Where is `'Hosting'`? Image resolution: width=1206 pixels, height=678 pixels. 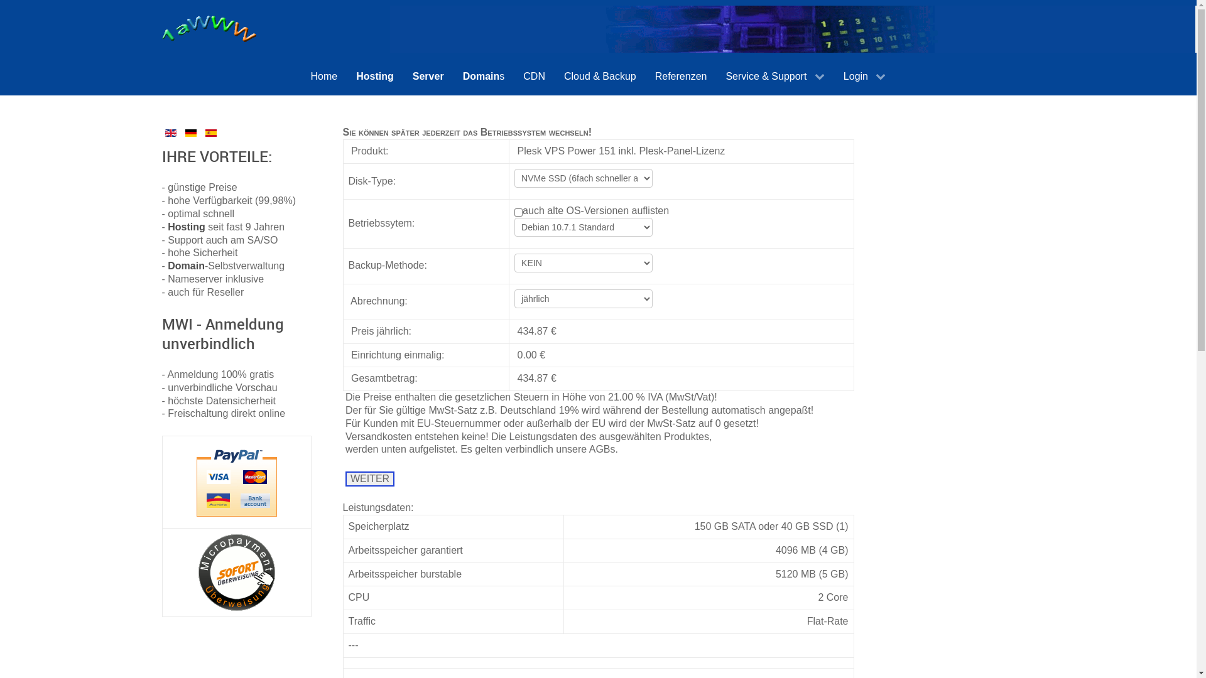 'Hosting' is located at coordinates (374, 76).